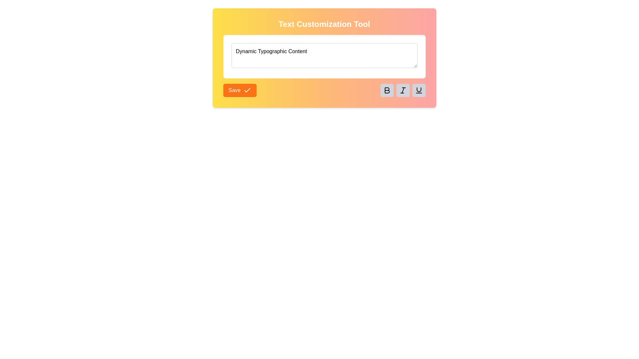 Image resolution: width=639 pixels, height=359 pixels. Describe the element at coordinates (247, 90) in the screenshot. I see `the small checkmark icon rendered in a minimalist stroke style, located to the right of the 'Save' text within the vibrant orange button` at that location.